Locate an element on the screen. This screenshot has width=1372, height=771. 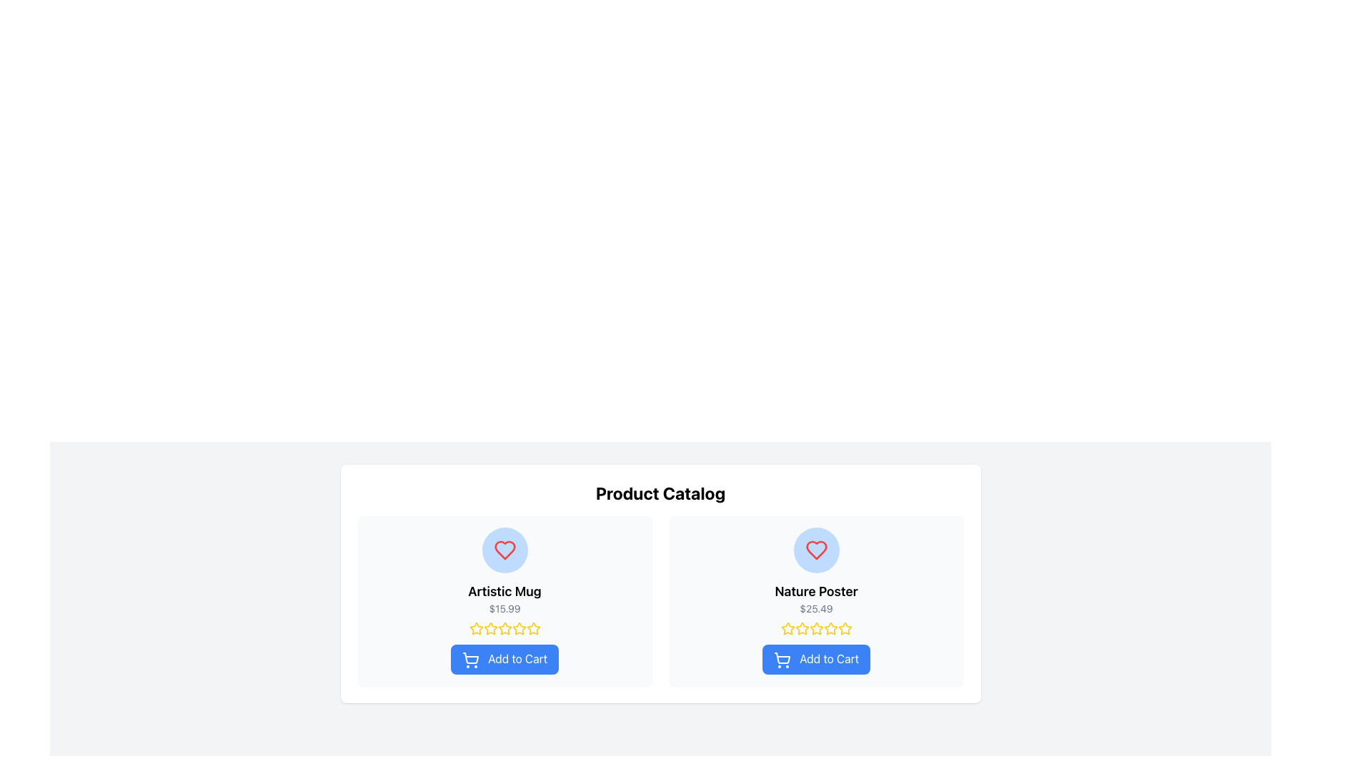
the fourth (center) yellow five-pointed star in the row of five stars beneath the 'Nature Poster' card is located at coordinates (816, 628).